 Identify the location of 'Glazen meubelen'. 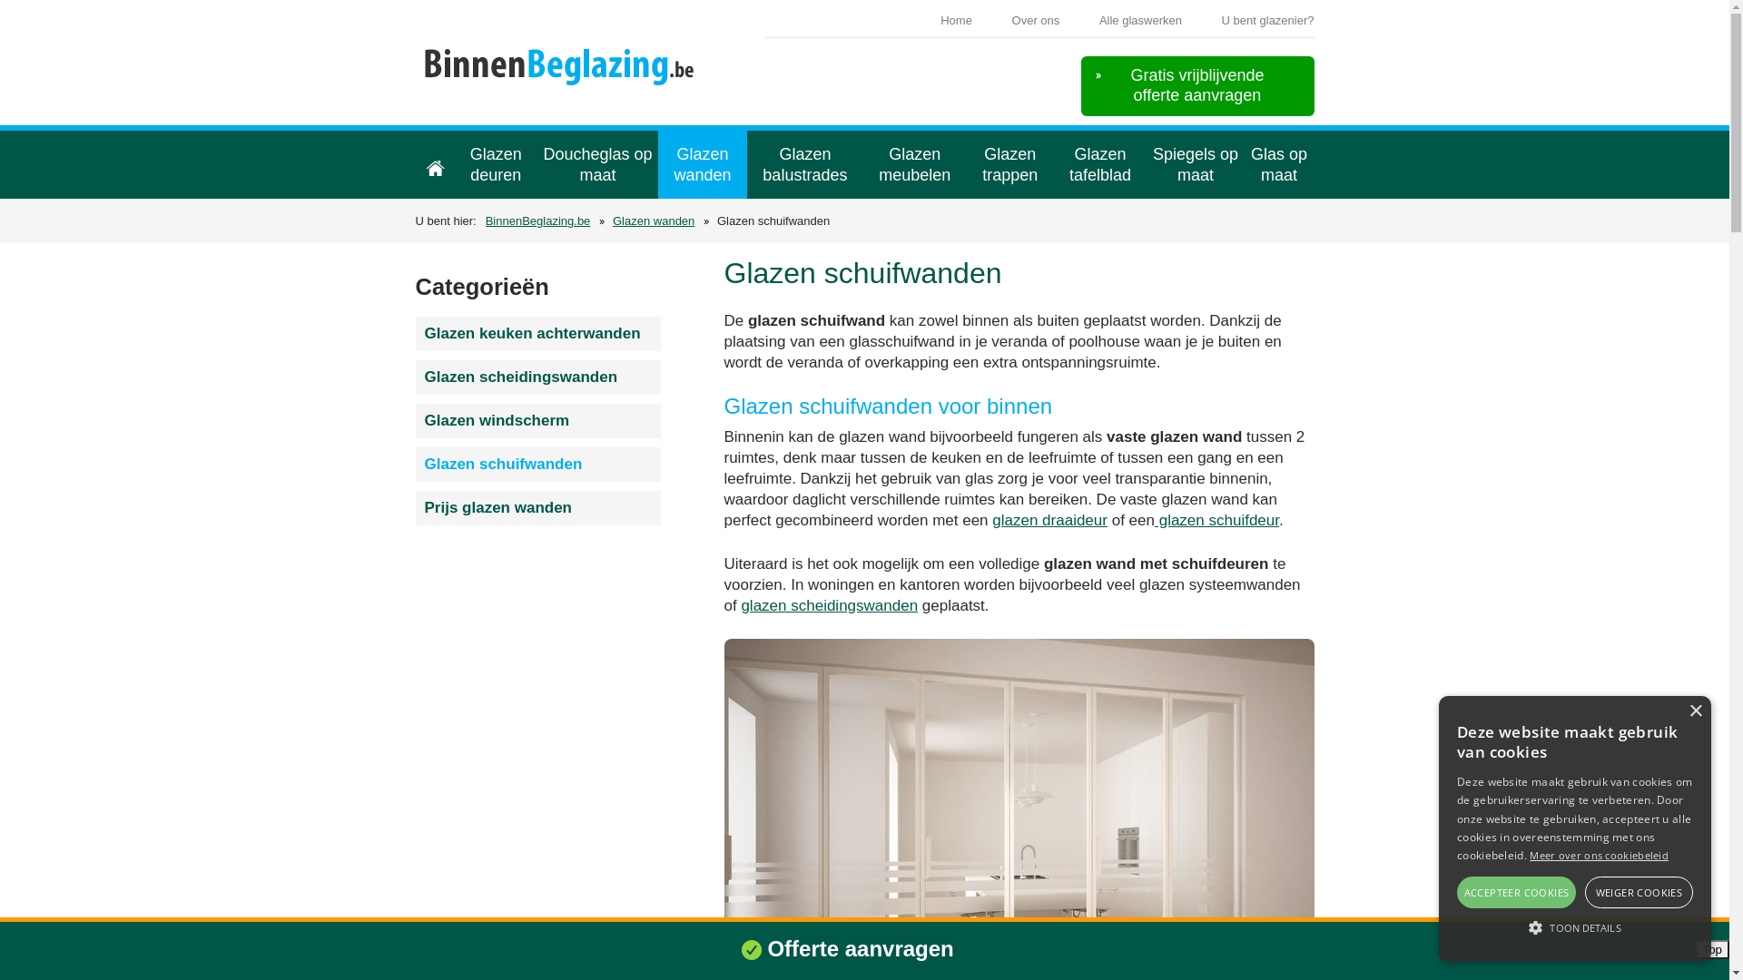
(862, 164).